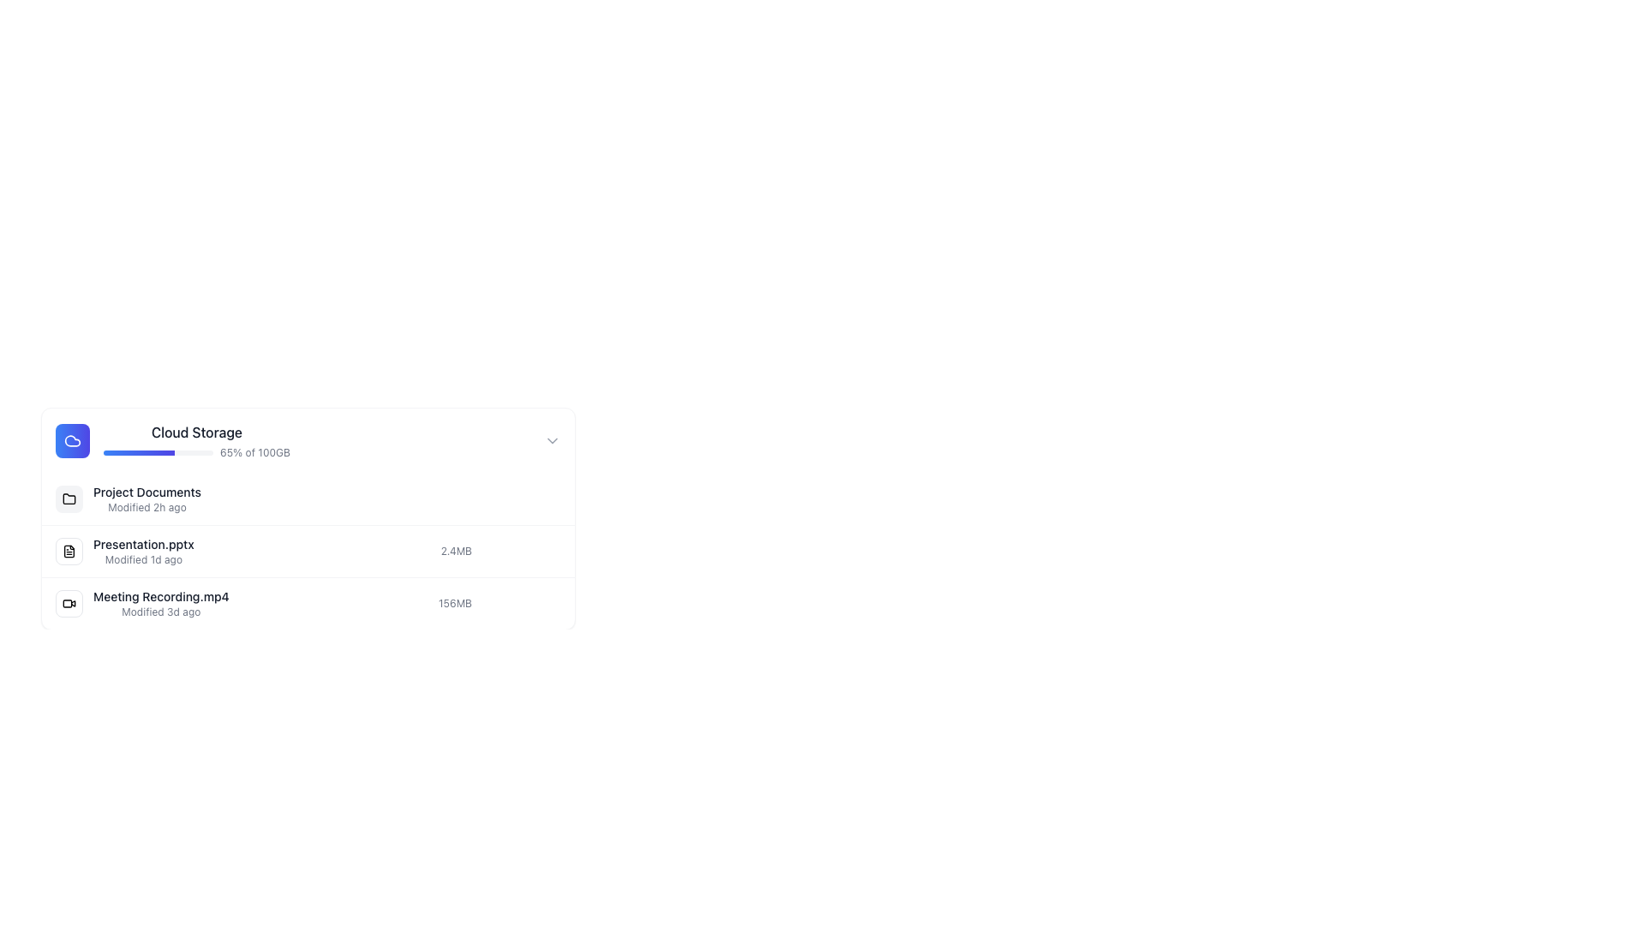 The image size is (1645, 925). I want to click on the storage progress bar, so click(153, 451).